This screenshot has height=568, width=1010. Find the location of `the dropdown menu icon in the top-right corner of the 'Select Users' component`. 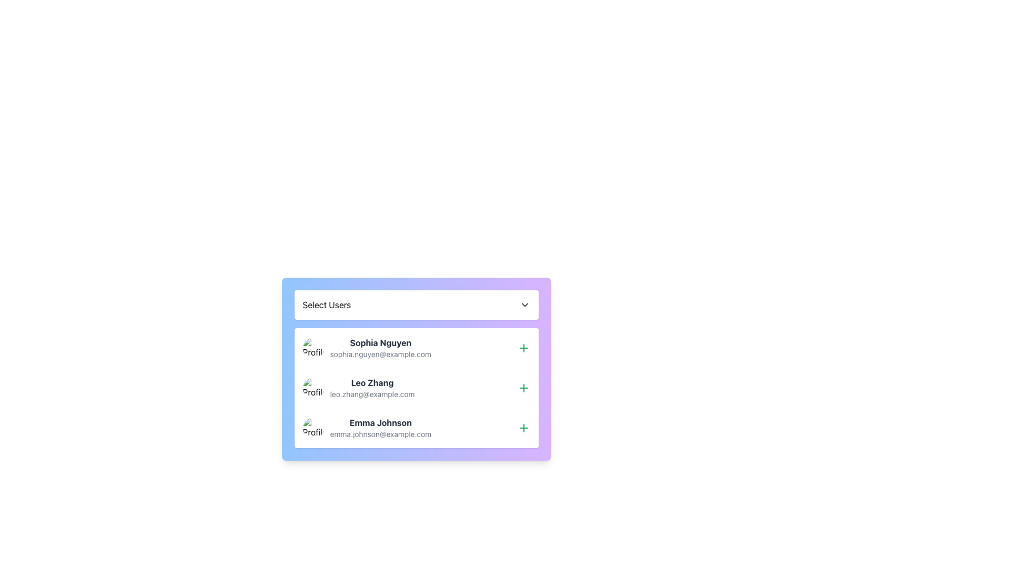

the dropdown menu icon in the top-right corner of the 'Select Users' component is located at coordinates (524, 305).